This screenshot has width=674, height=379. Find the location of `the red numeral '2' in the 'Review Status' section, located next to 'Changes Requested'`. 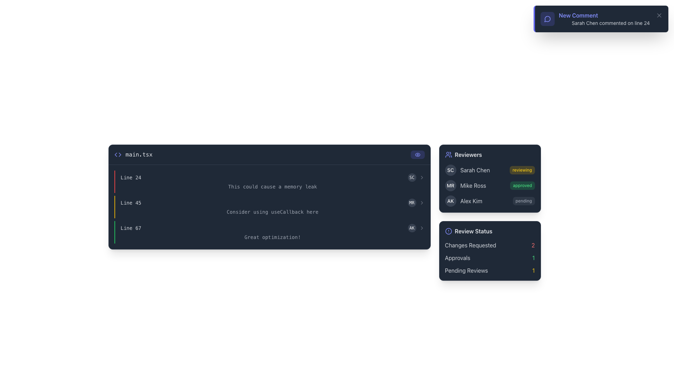

the red numeral '2' in the 'Review Status' section, located next to 'Changes Requested' is located at coordinates (533, 245).